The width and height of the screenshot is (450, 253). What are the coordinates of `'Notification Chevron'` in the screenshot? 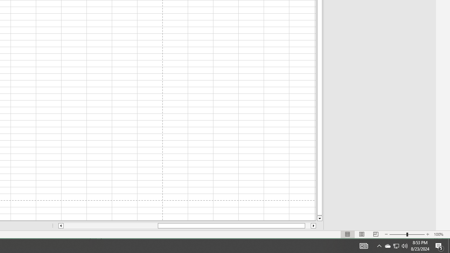 It's located at (379, 245).